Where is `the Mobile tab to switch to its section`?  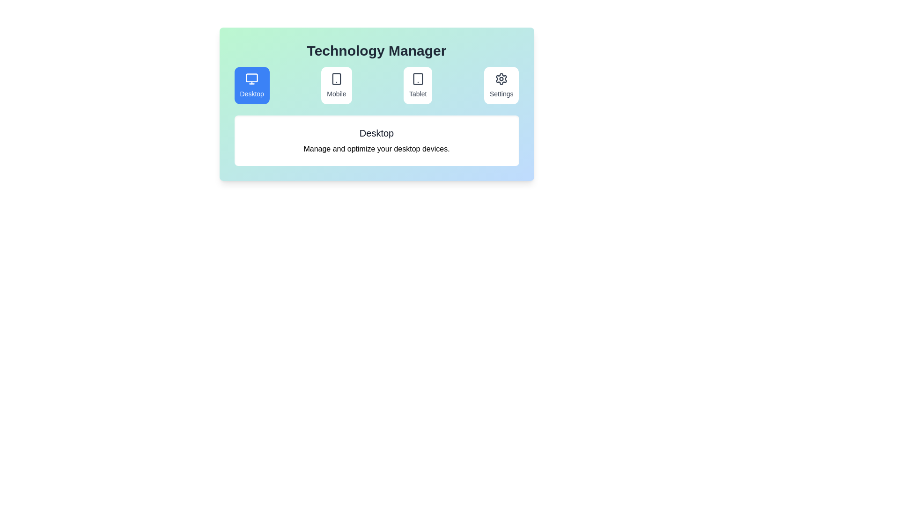 the Mobile tab to switch to its section is located at coordinates (337, 85).